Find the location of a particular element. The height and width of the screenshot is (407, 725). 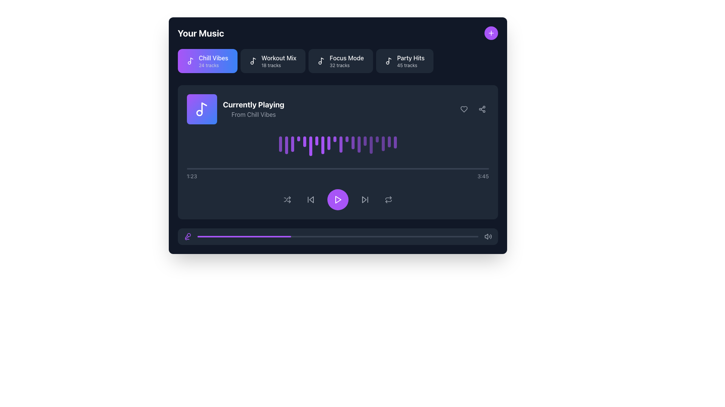

the 'Currently Playing' text label, which displays 'Currently Playing' in bold white font and 'From Chill Vibes' in smaller gray font, to interact with possible surrounding elements is located at coordinates (253, 109).